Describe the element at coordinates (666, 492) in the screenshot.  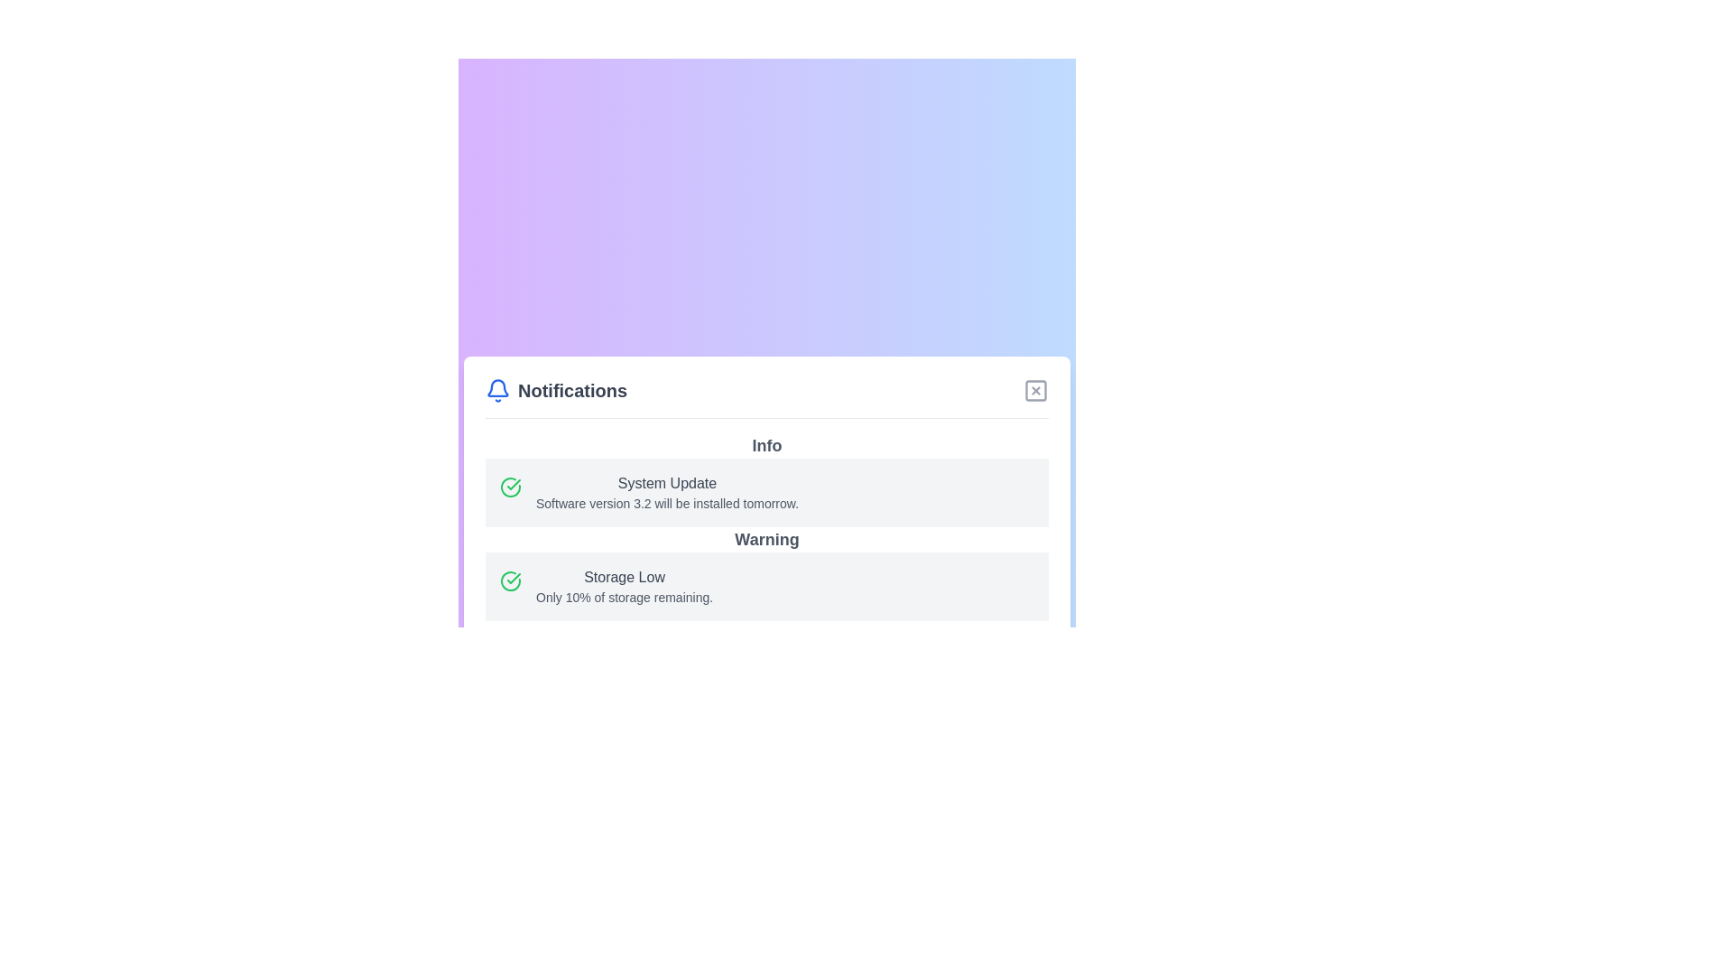
I see `informational text block about the system update scheduled for tomorrow, located in the 'Info' section of the notifications panel, above the 'Storage Low' notification` at that location.